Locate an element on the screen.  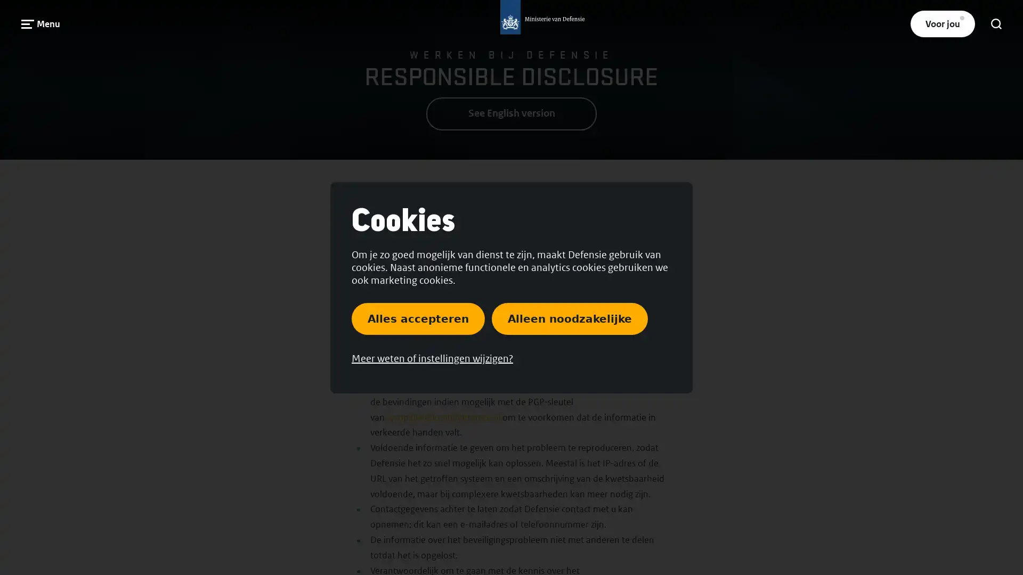
Zoeken openen is located at coordinates (996, 24).